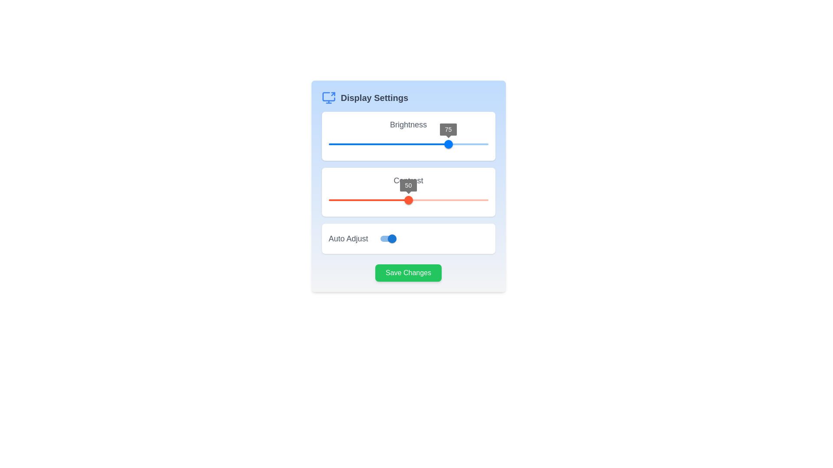 This screenshot has height=468, width=833. I want to click on contrast slider, so click(466, 200).